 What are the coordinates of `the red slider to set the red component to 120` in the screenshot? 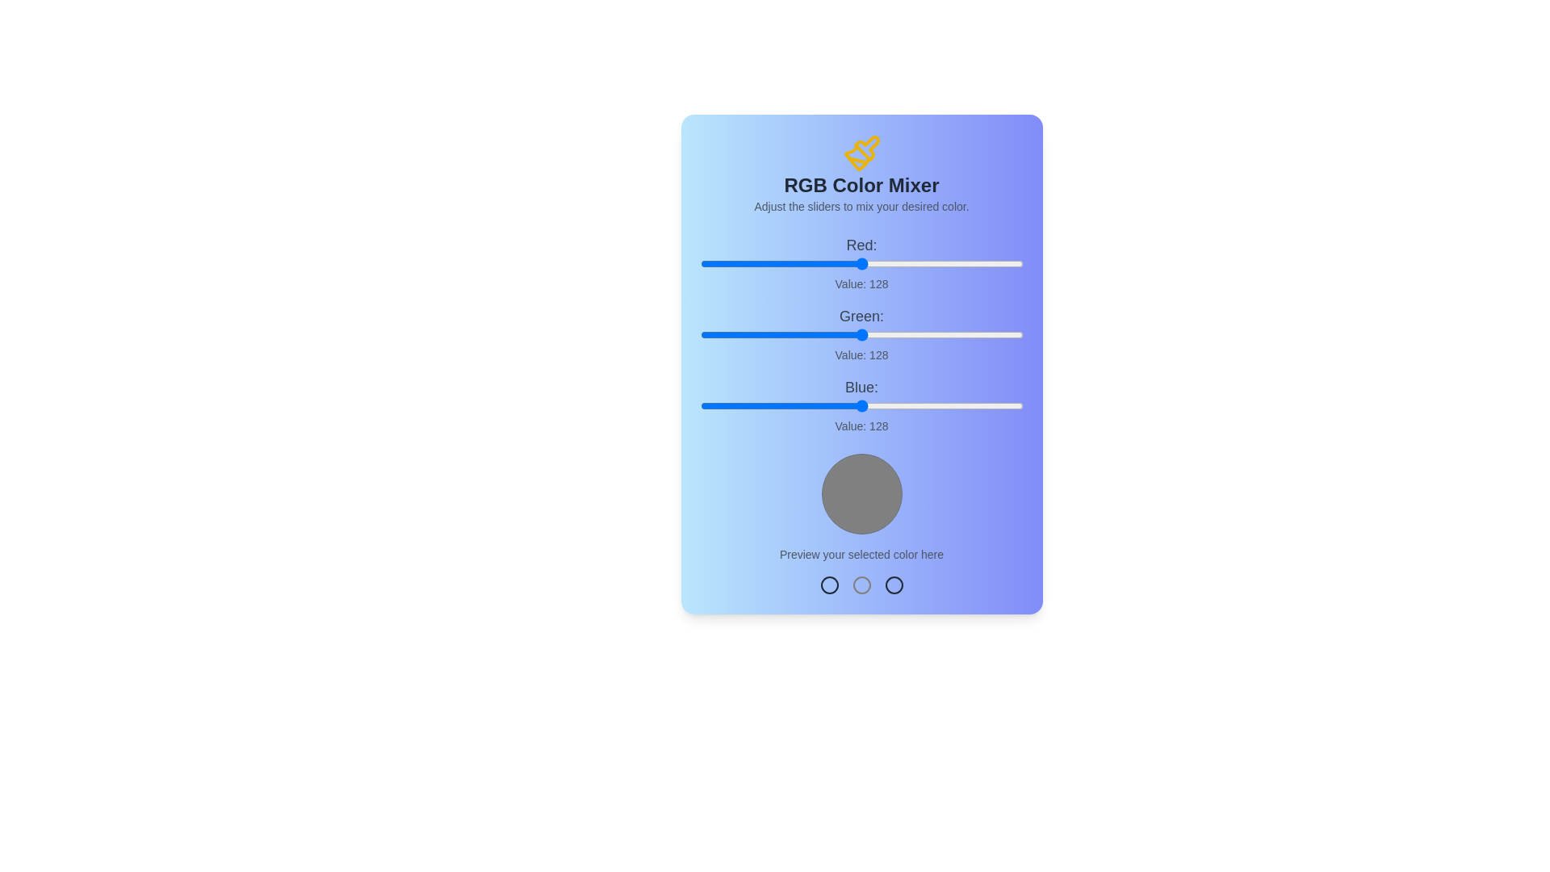 It's located at (851, 263).